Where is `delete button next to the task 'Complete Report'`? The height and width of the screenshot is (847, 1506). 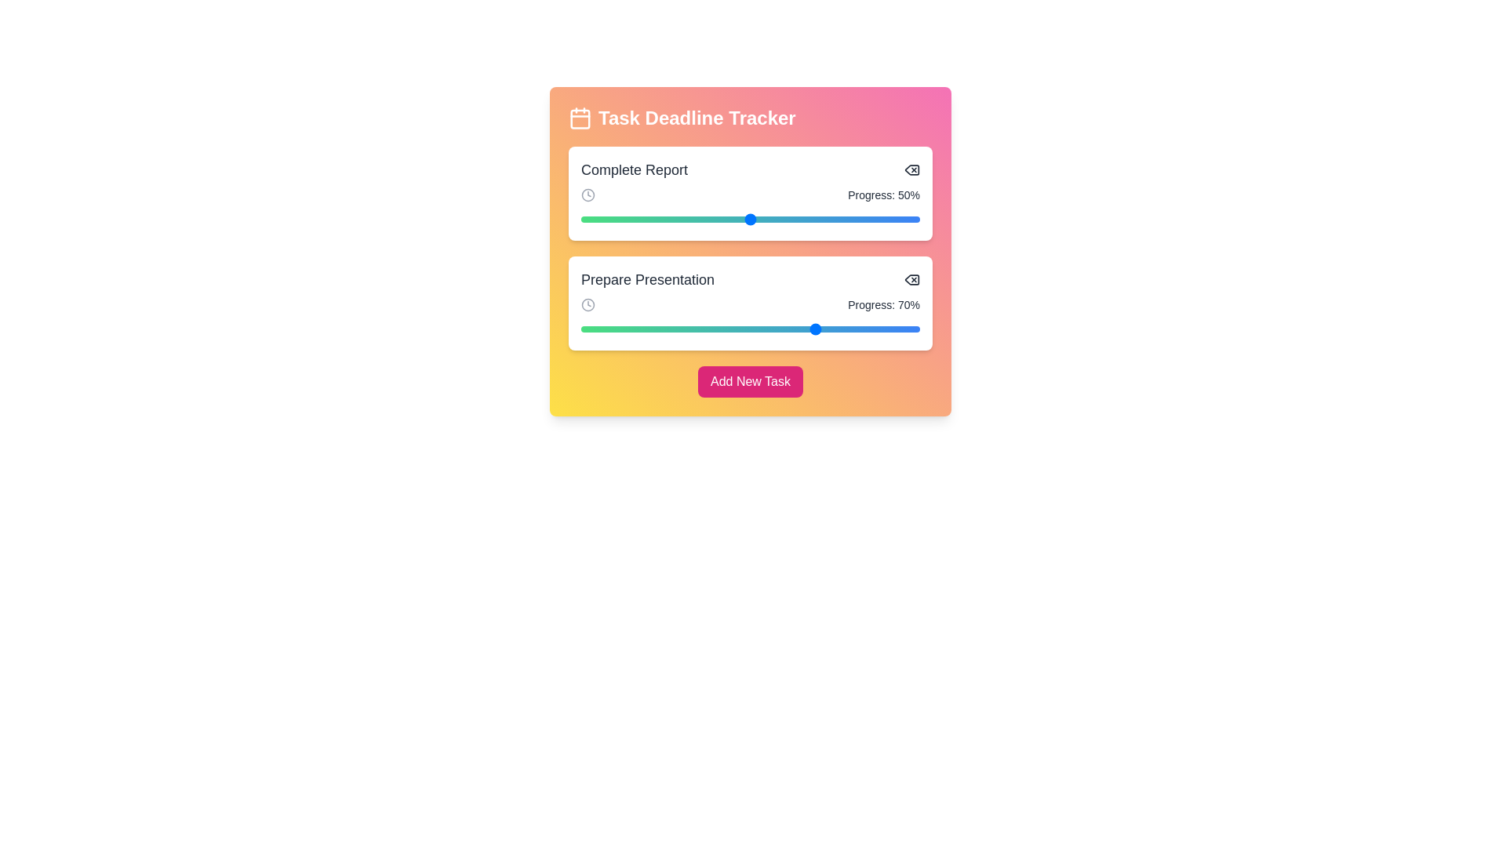 delete button next to the task 'Complete Report' is located at coordinates (911, 169).